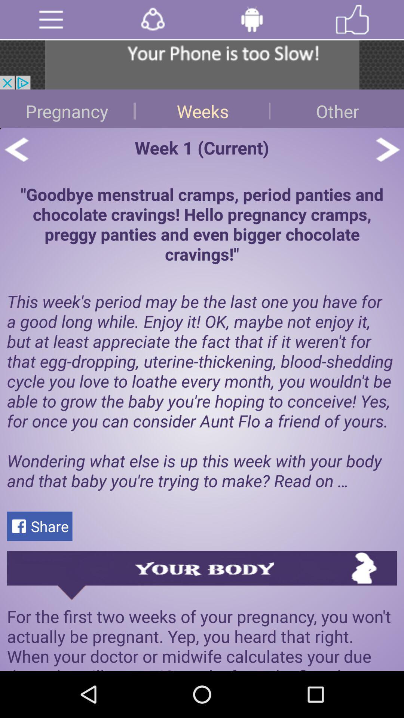 This screenshot has height=718, width=404. What do you see at coordinates (252, 19) in the screenshot?
I see `android app` at bounding box center [252, 19].